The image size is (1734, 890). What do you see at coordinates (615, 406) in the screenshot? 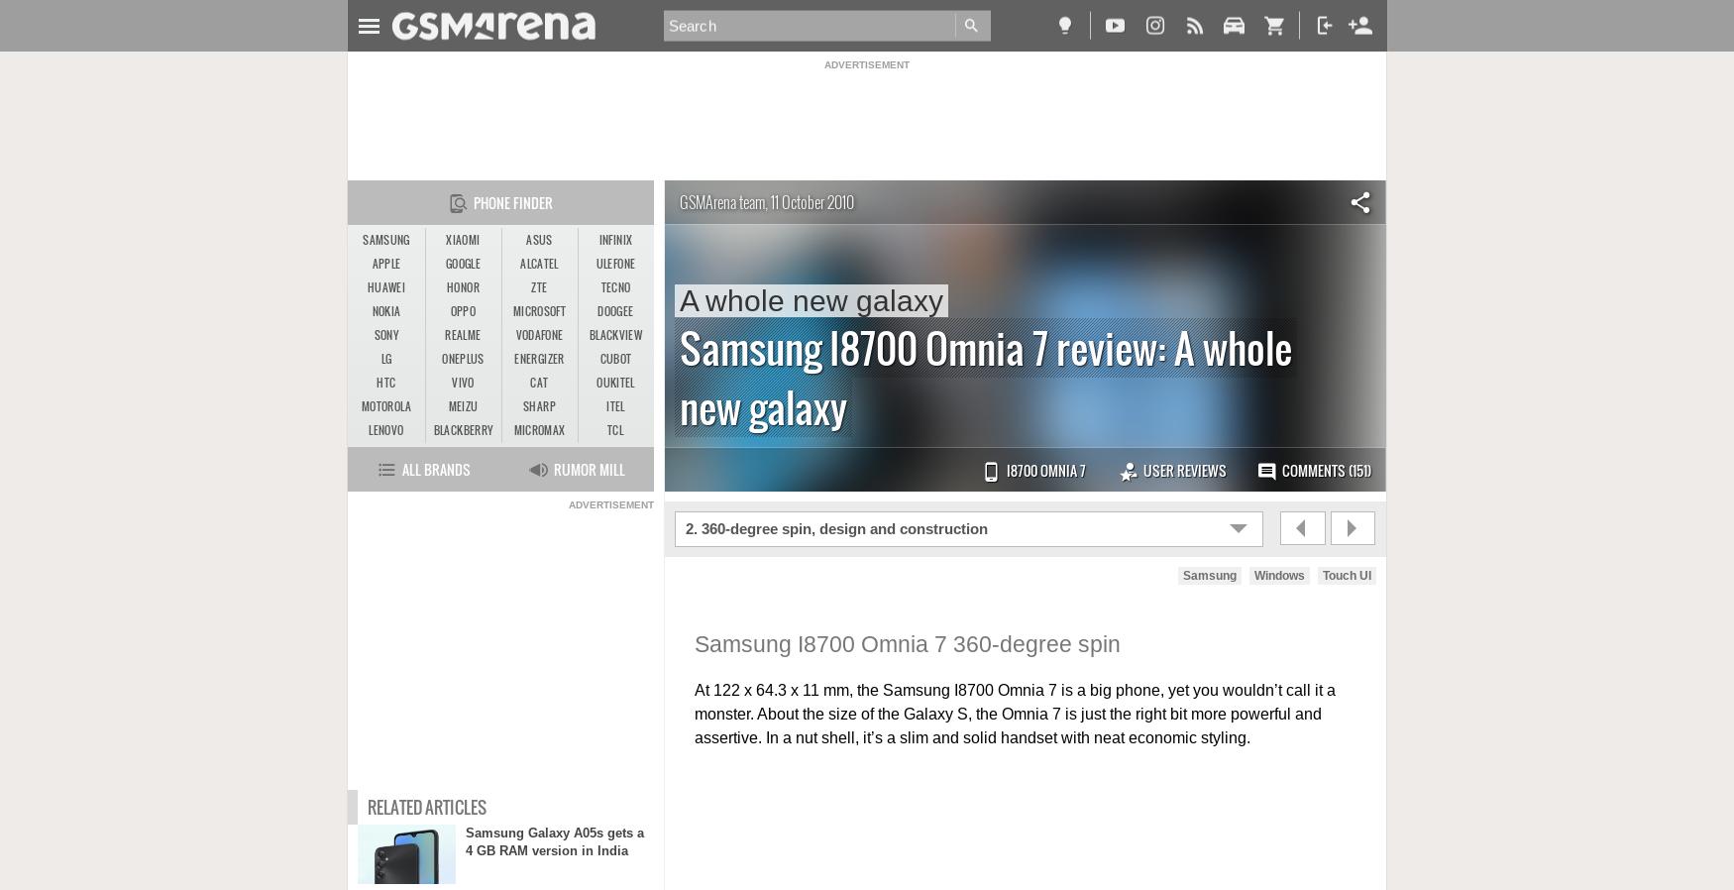
I see `'Itel'` at bounding box center [615, 406].